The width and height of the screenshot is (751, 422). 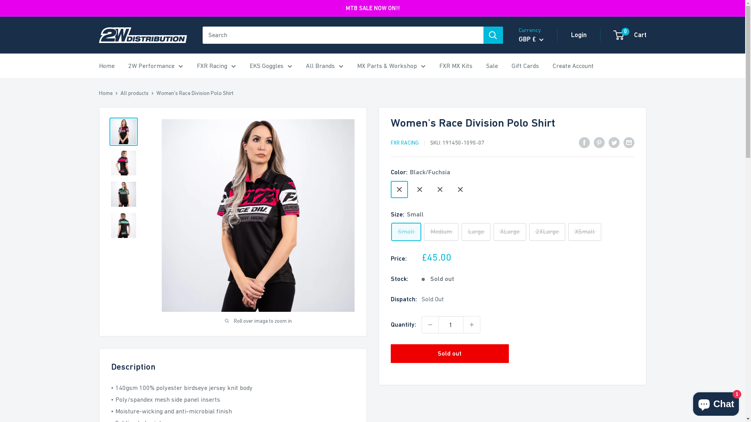 I want to click on 'Sale', so click(x=491, y=66).